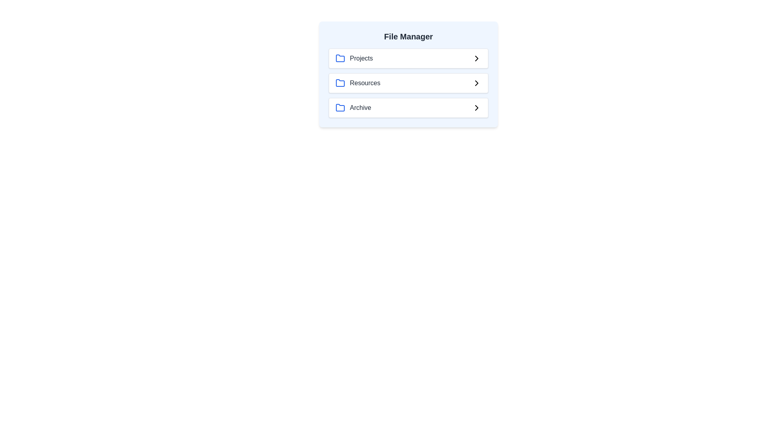 Image resolution: width=766 pixels, height=430 pixels. Describe the element at coordinates (477, 58) in the screenshot. I see `the chevron icon, which is a small triangular shape pointing` at that location.